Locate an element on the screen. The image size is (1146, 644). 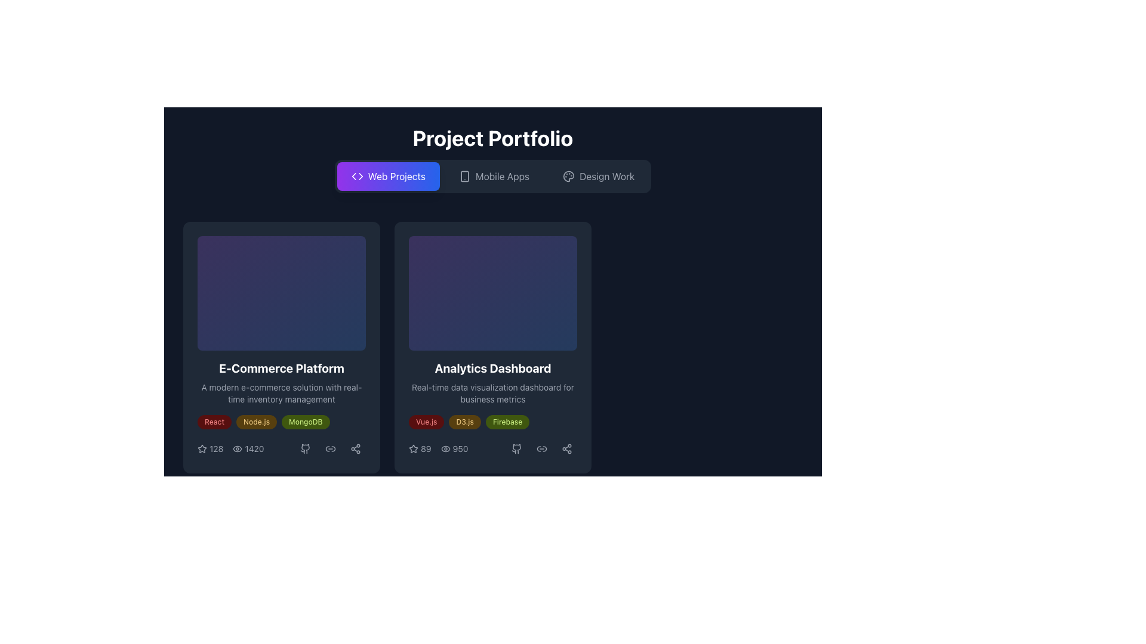
the title text indicating the name of the highlighted project in the first card for copying is located at coordinates (281, 367).